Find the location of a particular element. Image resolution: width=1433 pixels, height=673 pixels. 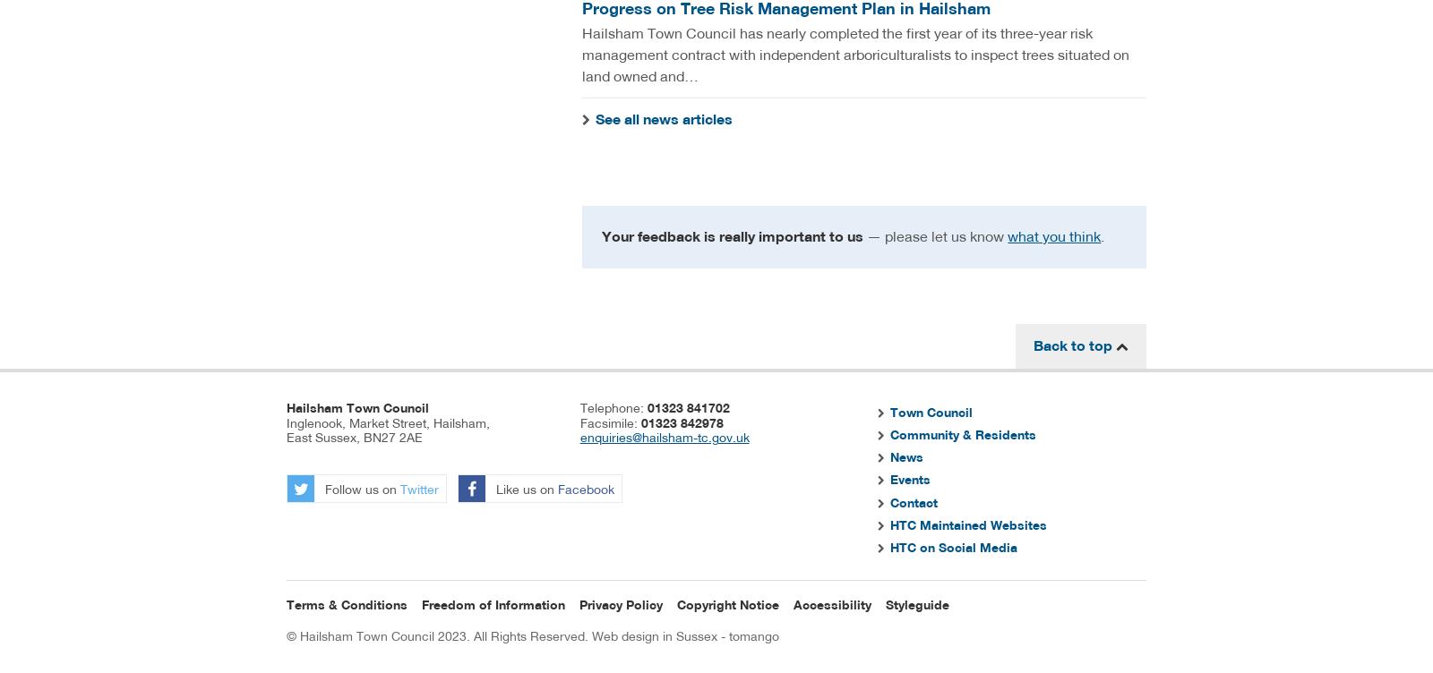

'Inglenook, Market Street, Hailsham, East Sussex, BN27 2AE' is located at coordinates (387, 429).